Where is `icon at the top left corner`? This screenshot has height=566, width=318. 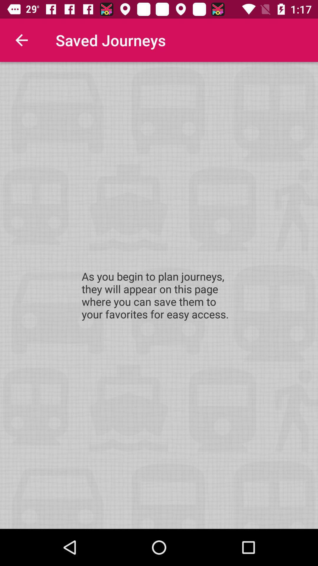
icon at the top left corner is located at coordinates (21, 40).